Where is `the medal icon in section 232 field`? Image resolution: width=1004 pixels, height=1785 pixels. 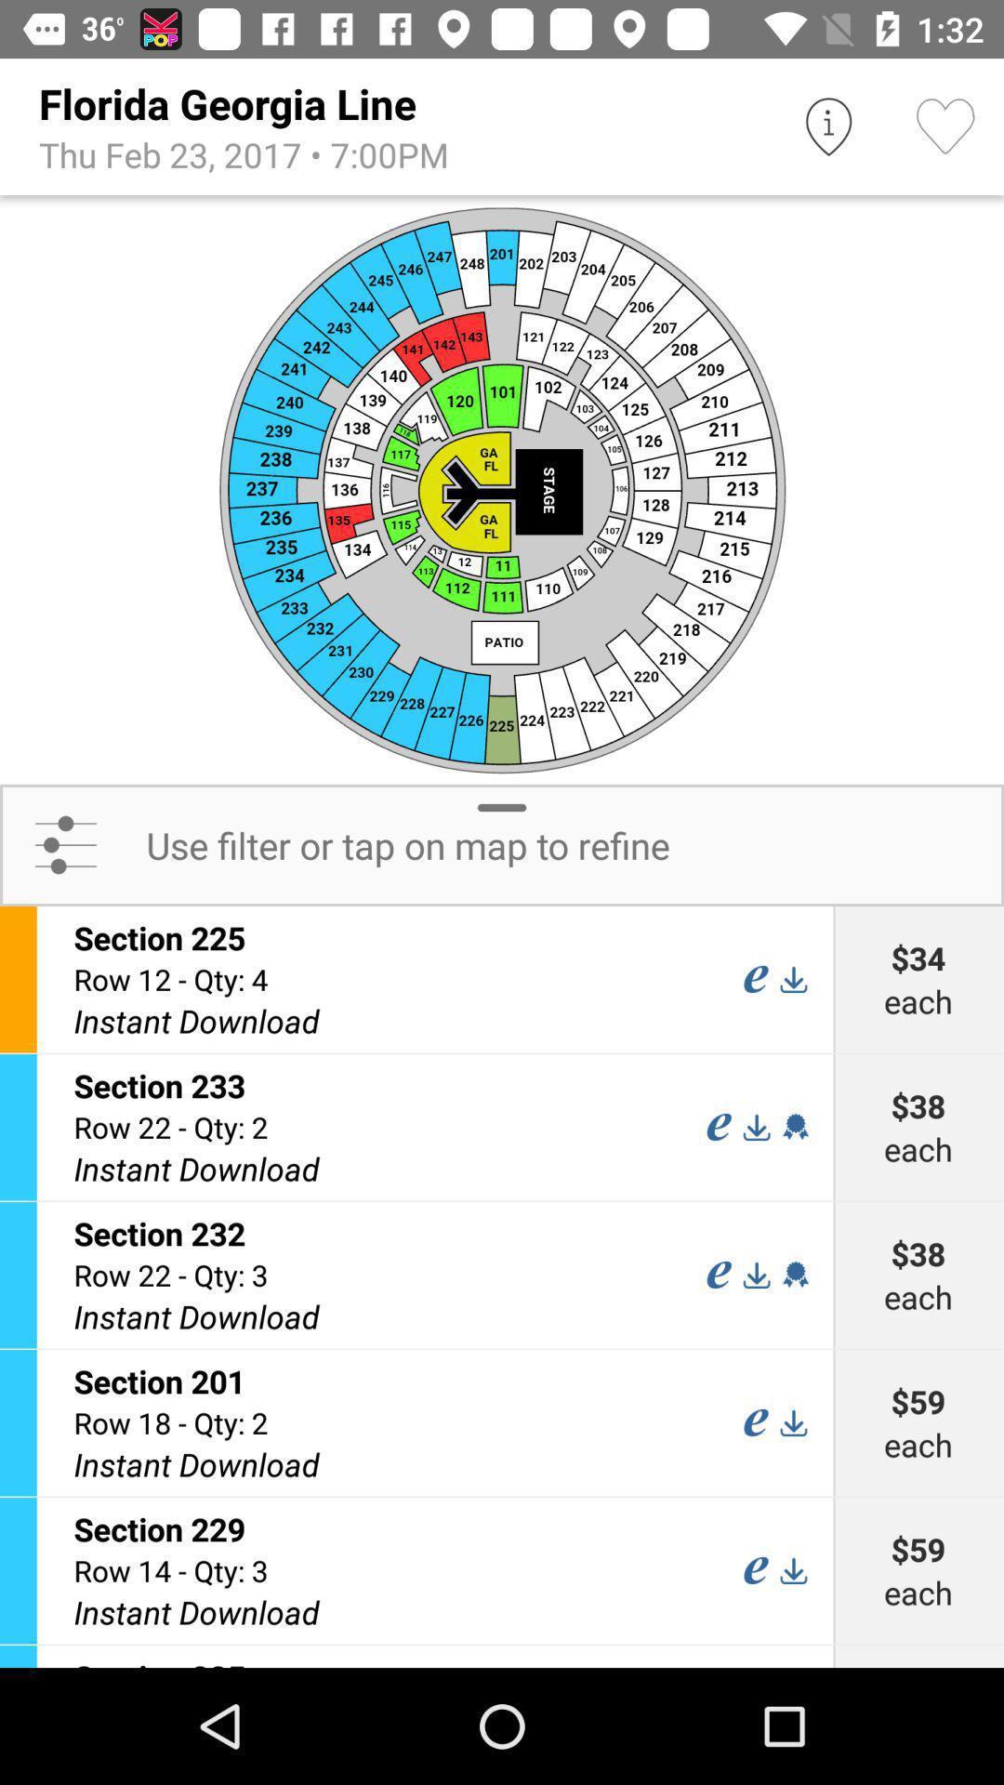
the medal icon in section 232 field is located at coordinates (795, 1274).